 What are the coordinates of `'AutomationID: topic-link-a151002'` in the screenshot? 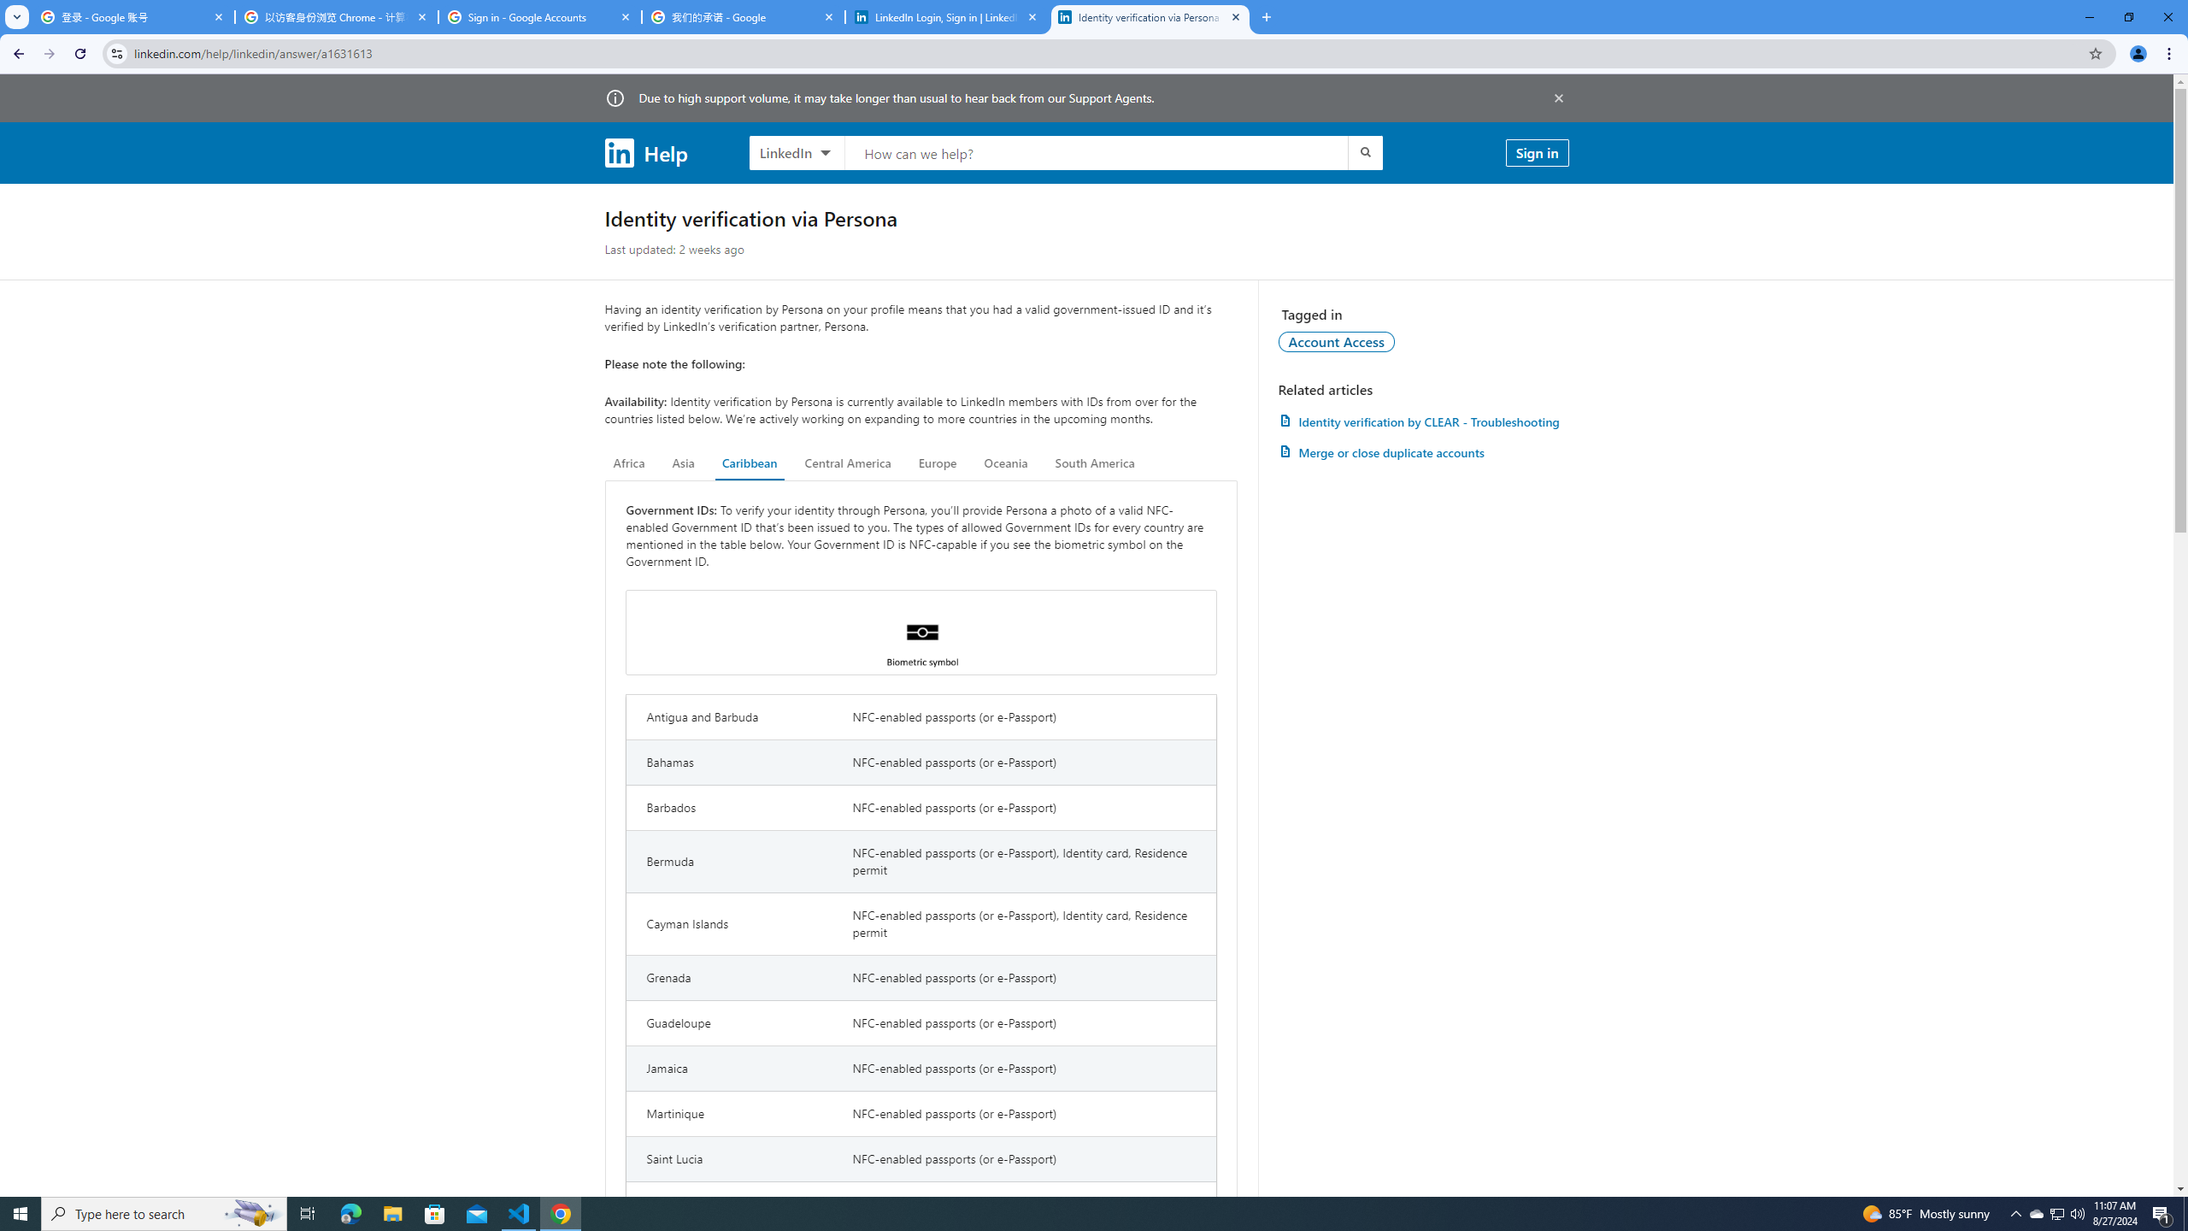 It's located at (1337, 340).